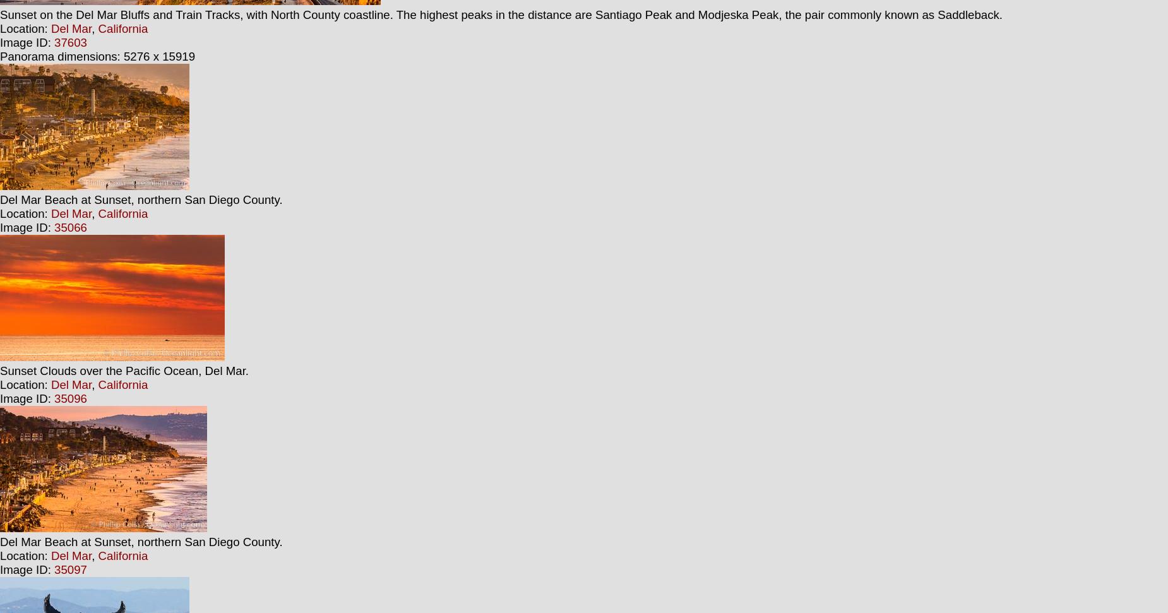 The width and height of the screenshot is (1168, 613). I want to click on 'Sunset Clouds over the Pacific Ocean, Del Mar.', so click(124, 371).